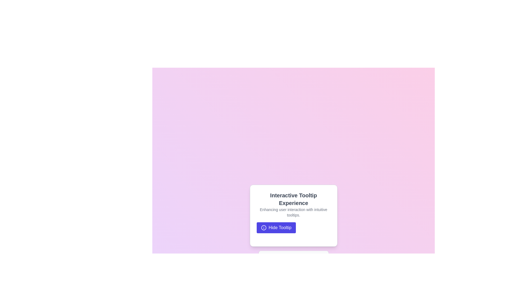 The image size is (526, 296). What do you see at coordinates (264, 227) in the screenshot?
I see `circular SVG icon that serves as part of the 'Hide Tooltip' button, which has a thin border stroke and no fill` at bounding box center [264, 227].